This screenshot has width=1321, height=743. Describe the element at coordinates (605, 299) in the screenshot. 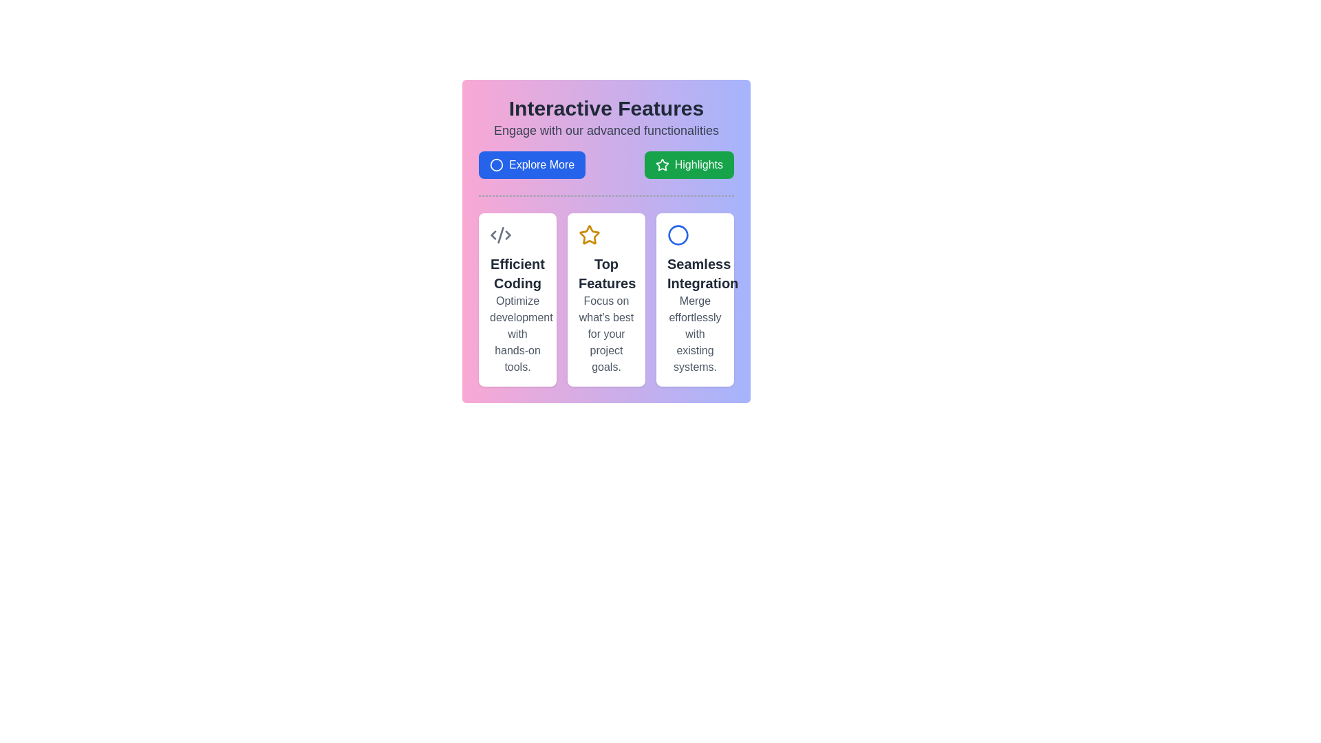

I see `the 'Top Features' informational card` at that location.